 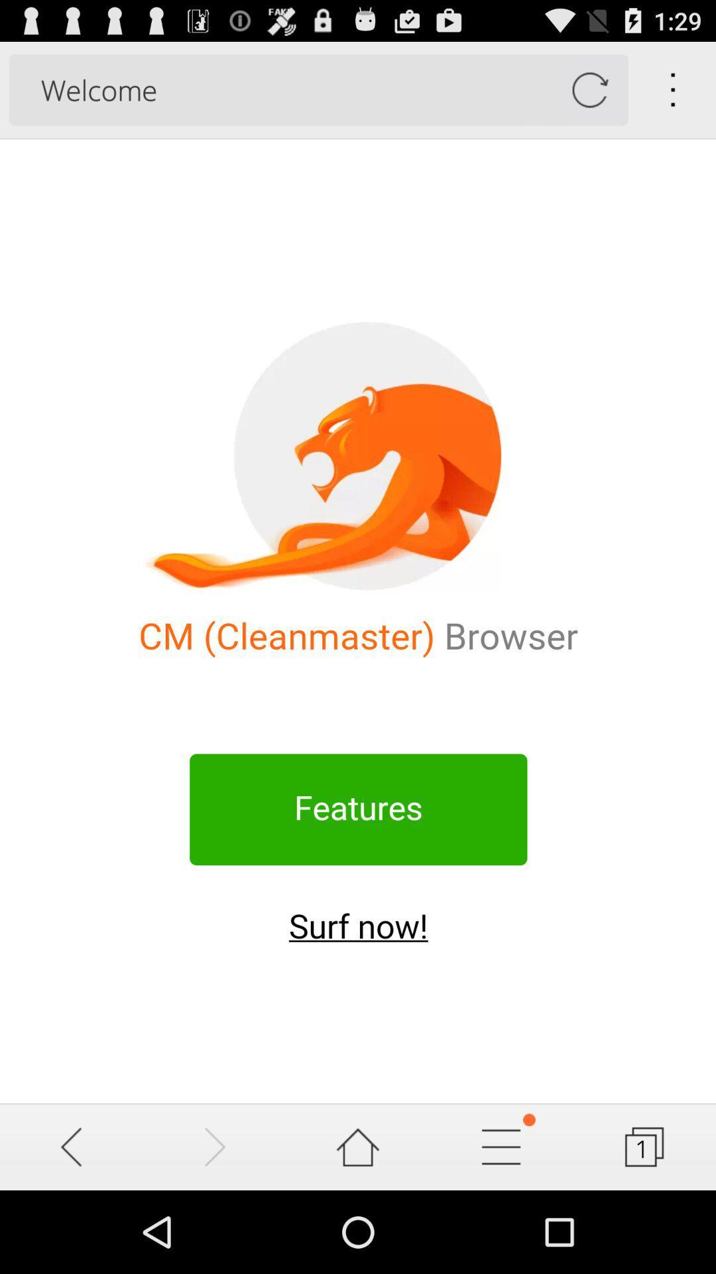 I want to click on previous web page, so click(x=72, y=1146).